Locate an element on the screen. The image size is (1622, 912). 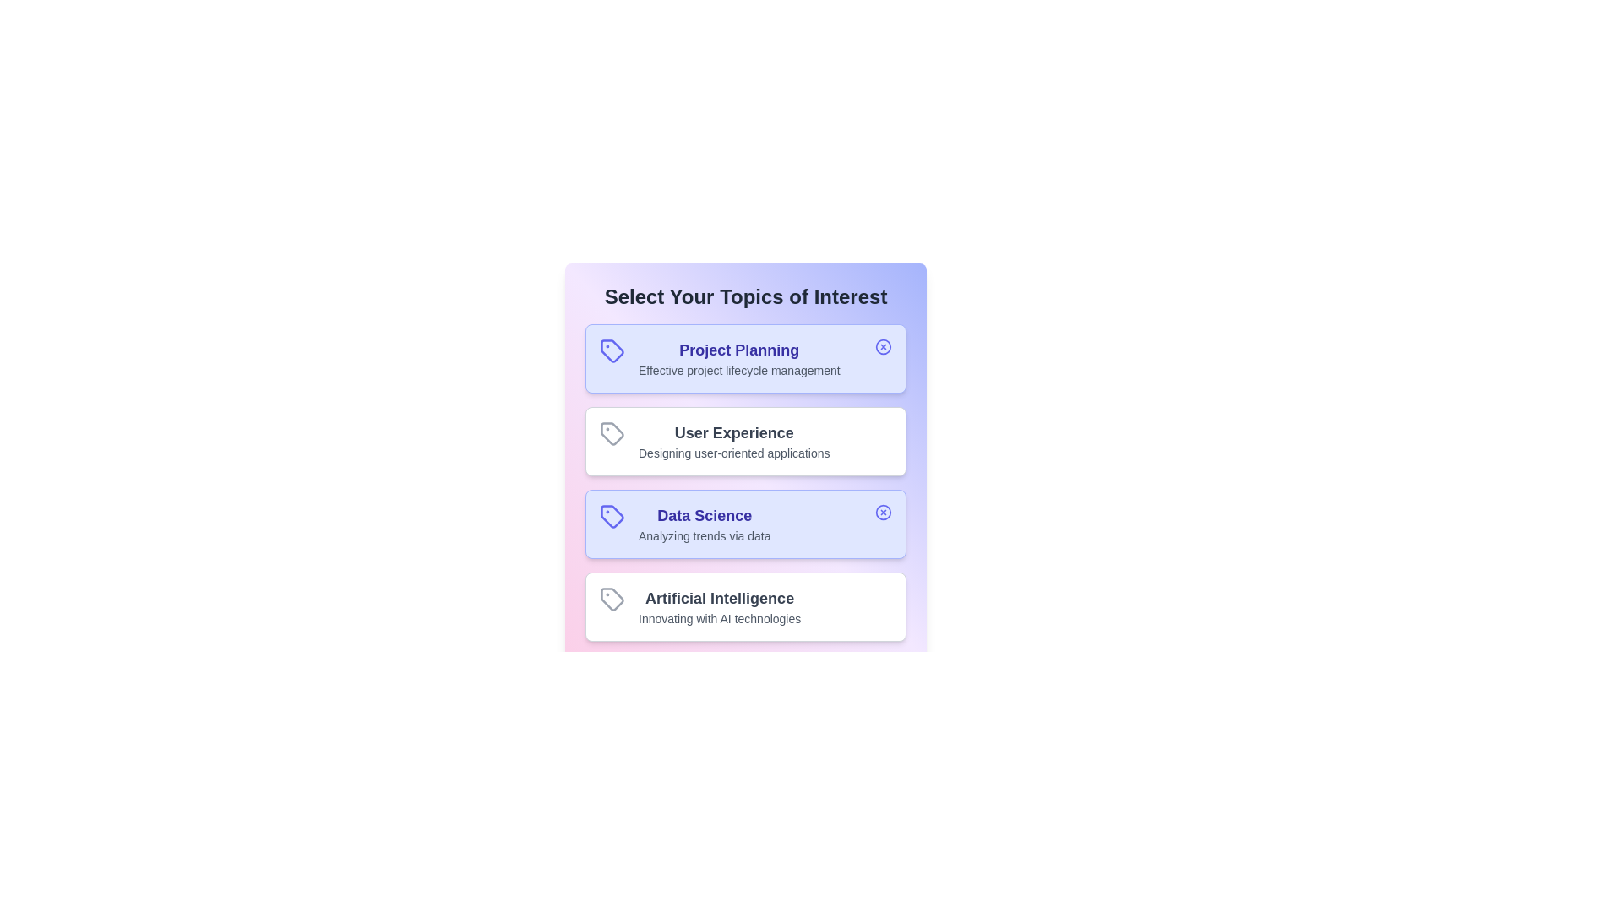
the topic card labeled 'Artificial Intelligence' to observe UI changes is located at coordinates (745, 605).